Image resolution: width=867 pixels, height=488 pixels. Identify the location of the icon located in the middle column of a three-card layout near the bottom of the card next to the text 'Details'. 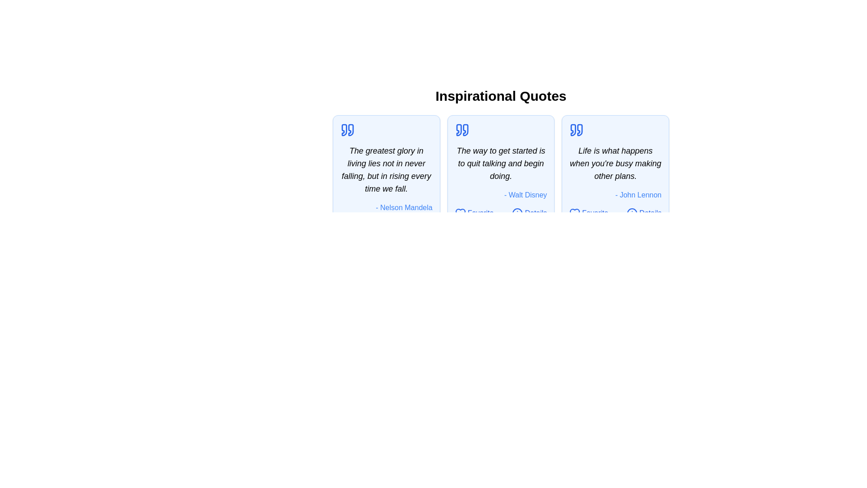
(517, 213).